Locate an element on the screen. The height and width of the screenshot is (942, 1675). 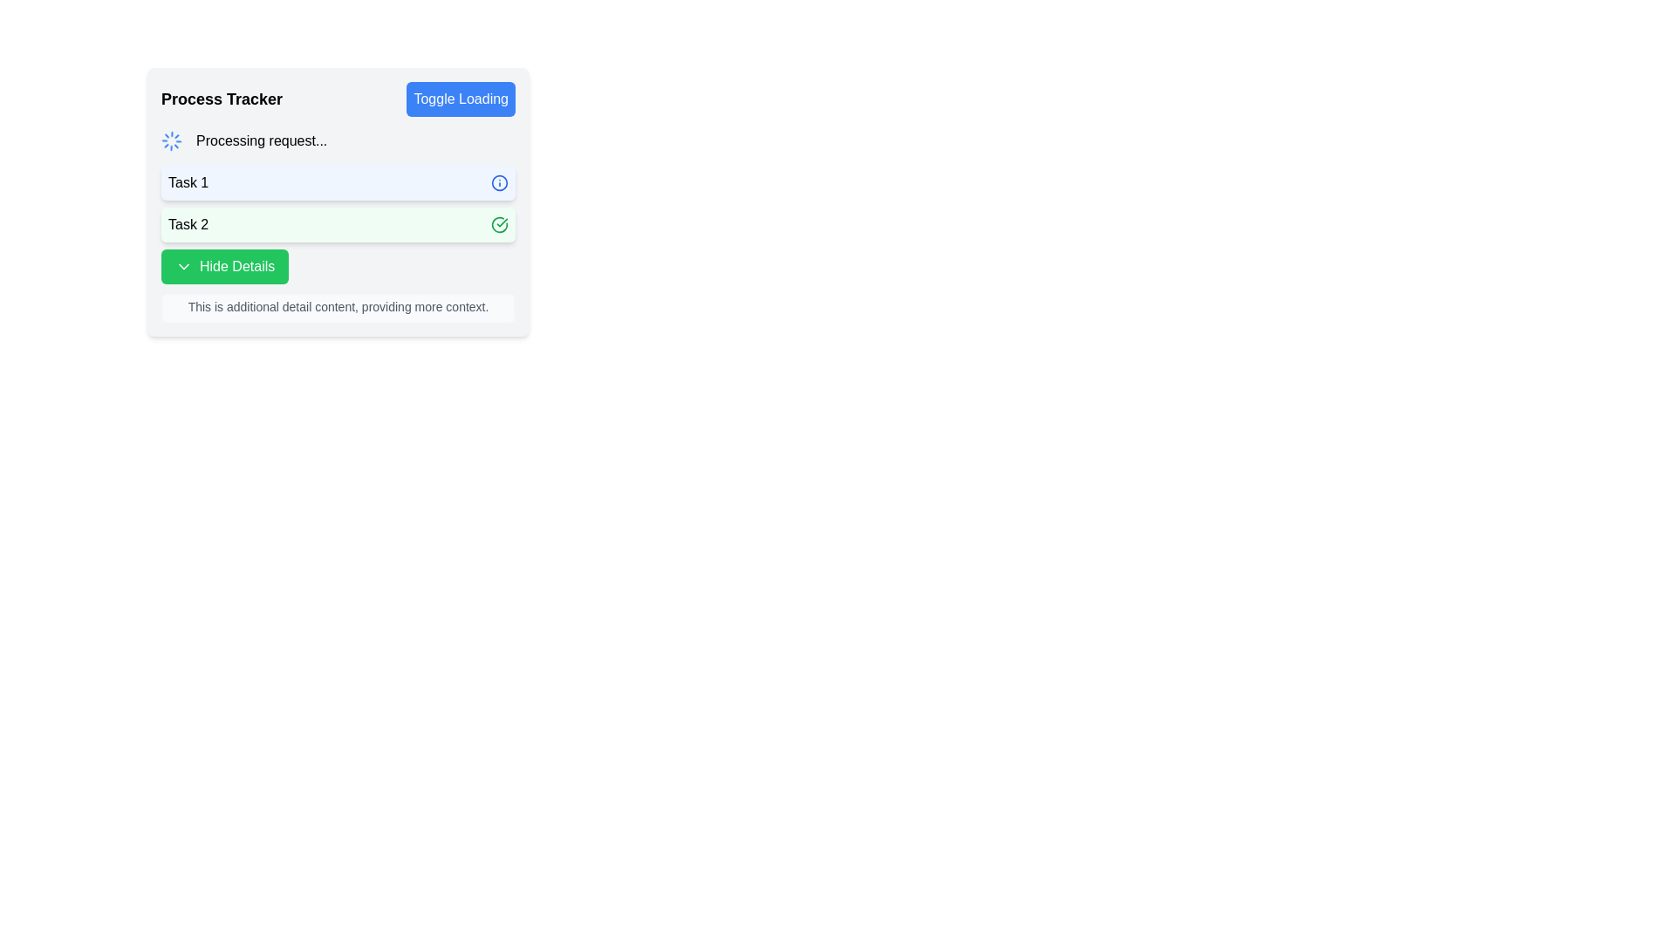
the interactive toggle button is located at coordinates (461, 99).